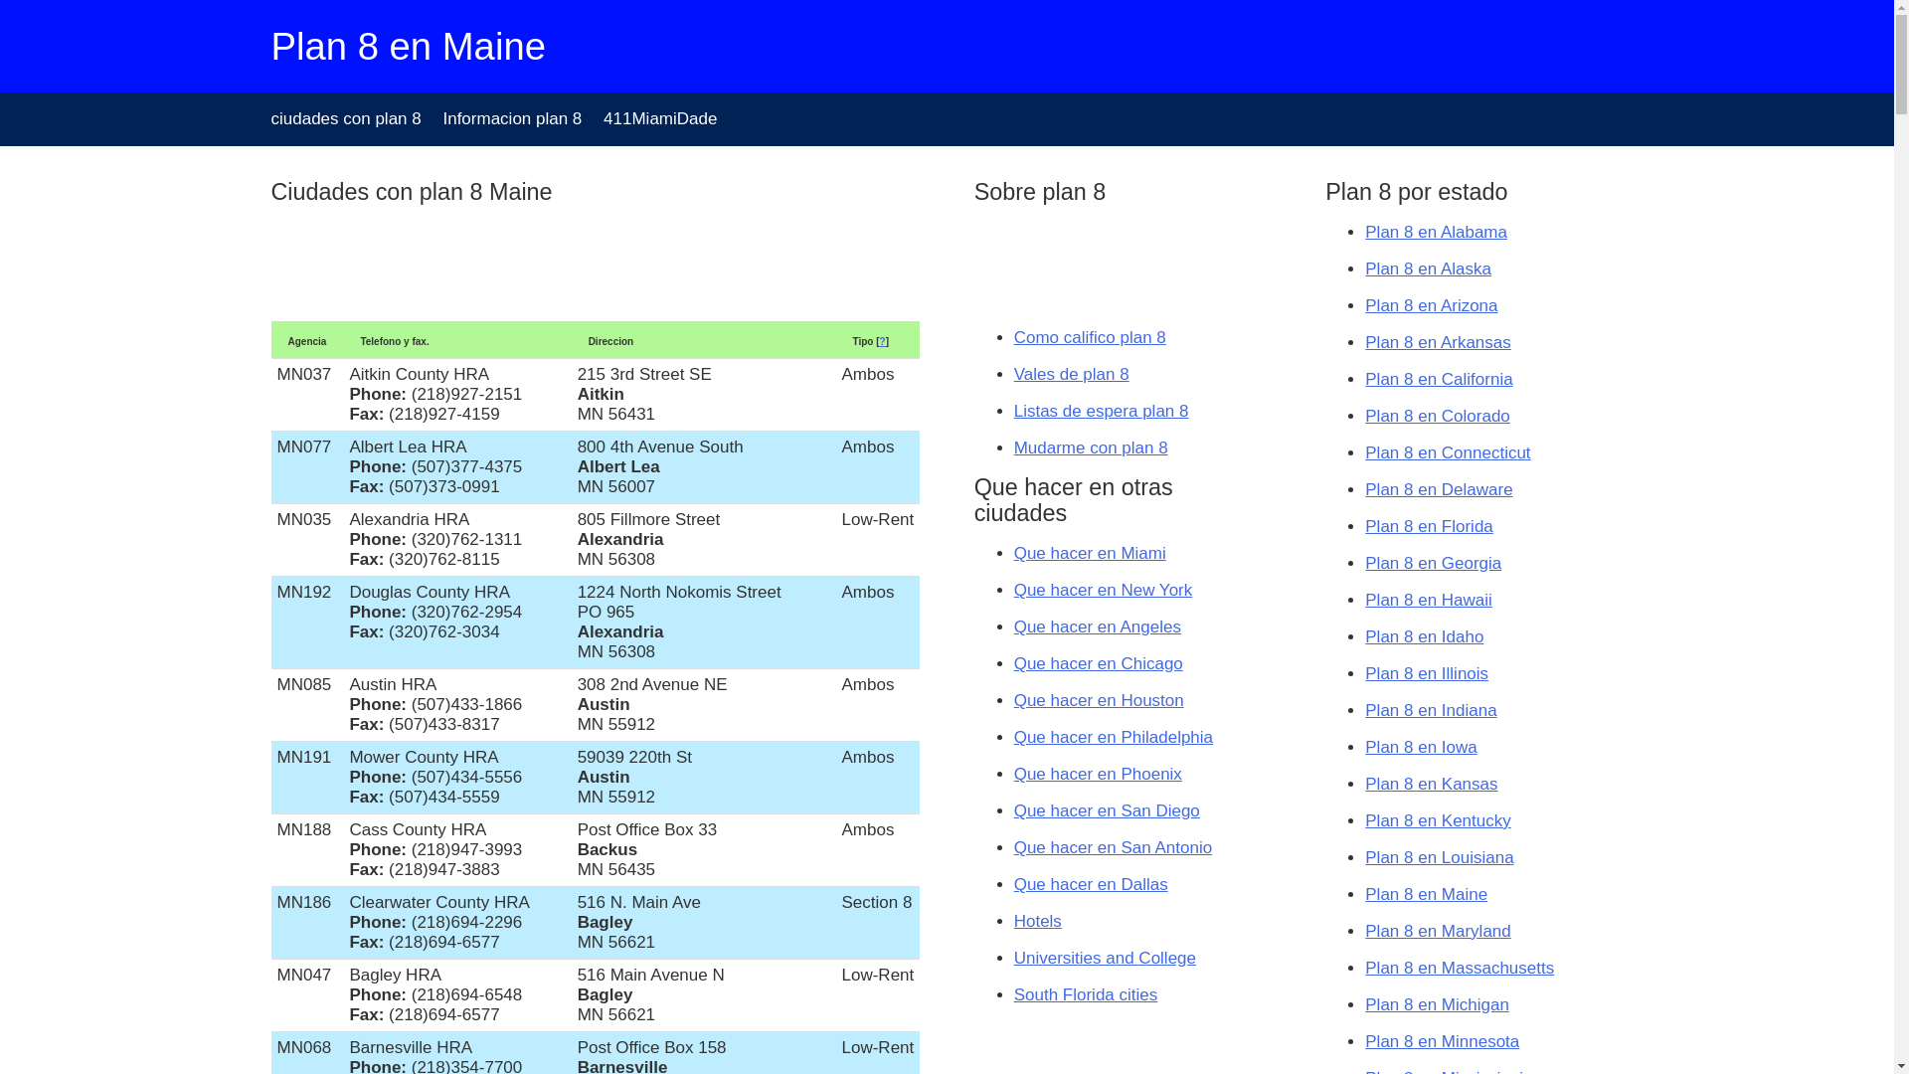 The width and height of the screenshot is (1909, 1074). What do you see at coordinates (1438, 489) in the screenshot?
I see `'Plan 8 en Delaware'` at bounding box center [1438, 489].